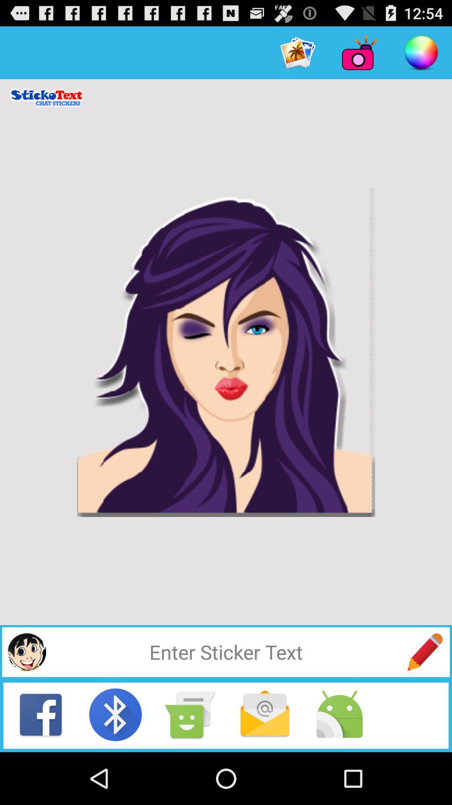 The image size is (452, 805). What do you see at coordinates (226, 652) in the screenshot?
I see `sticker text` at bounding box center [226, 652].